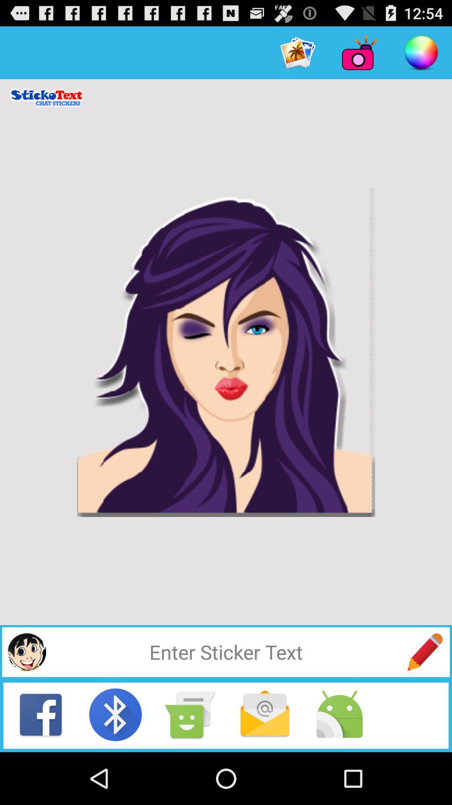 The image size is (452, 805). What do you see at coordinates (226, 652) in the screenshot?
I see `sticker text` at bounding box center [226, 652].